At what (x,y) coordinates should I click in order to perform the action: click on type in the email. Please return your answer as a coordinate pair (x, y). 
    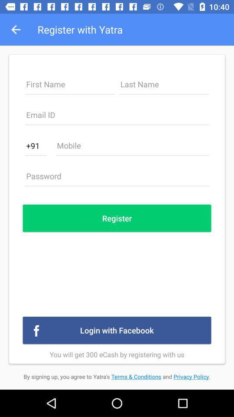
    Looking at the image, I should click on (117, 117).